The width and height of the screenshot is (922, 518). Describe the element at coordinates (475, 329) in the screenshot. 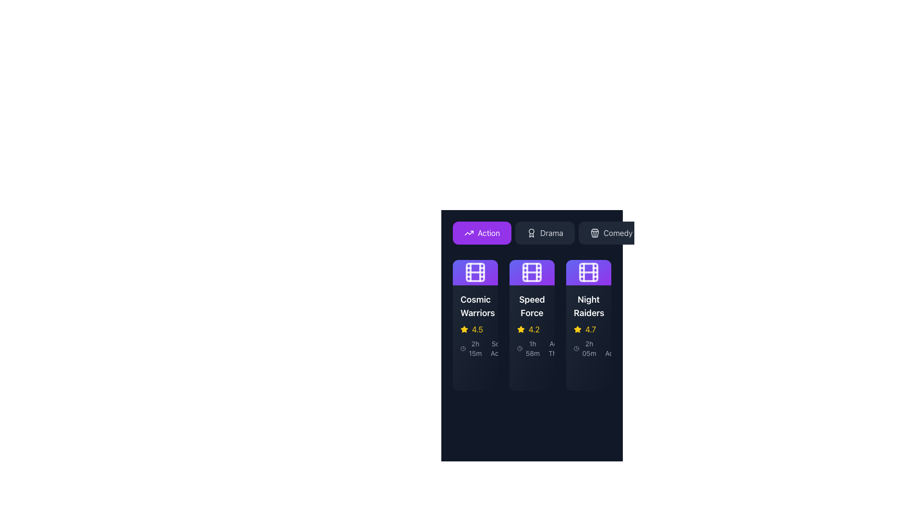

I see `the first rating display component located below the title 'Cosmic Warriors' within the card layout, which indicates the user rating for the associated content` at that location.